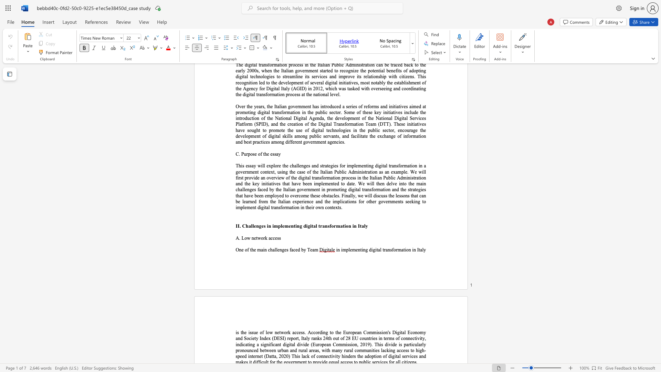 This screenshot has height=372, width=661. I want to click on the subset text "es f" within the text "One of the main challenges faced by Team", so click(284, 250).